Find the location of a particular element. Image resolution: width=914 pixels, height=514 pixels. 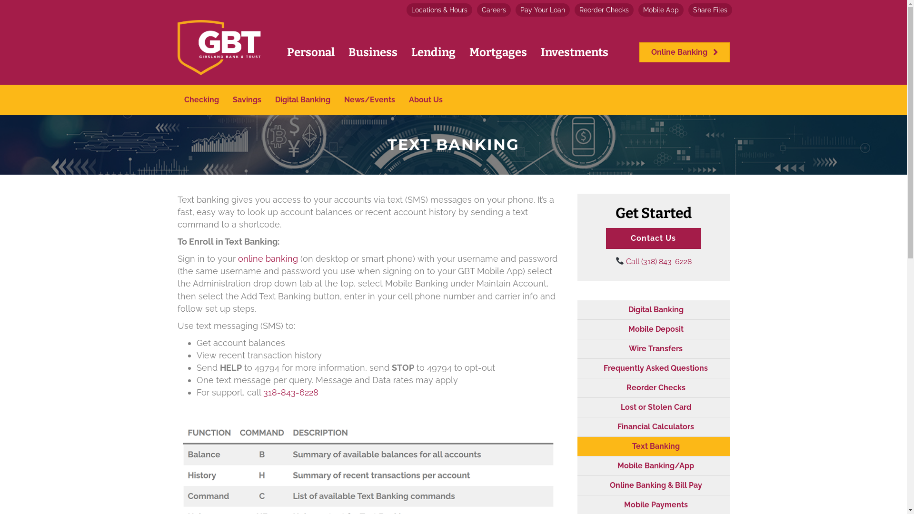

'Careers' is located at coordinates (494, 10).